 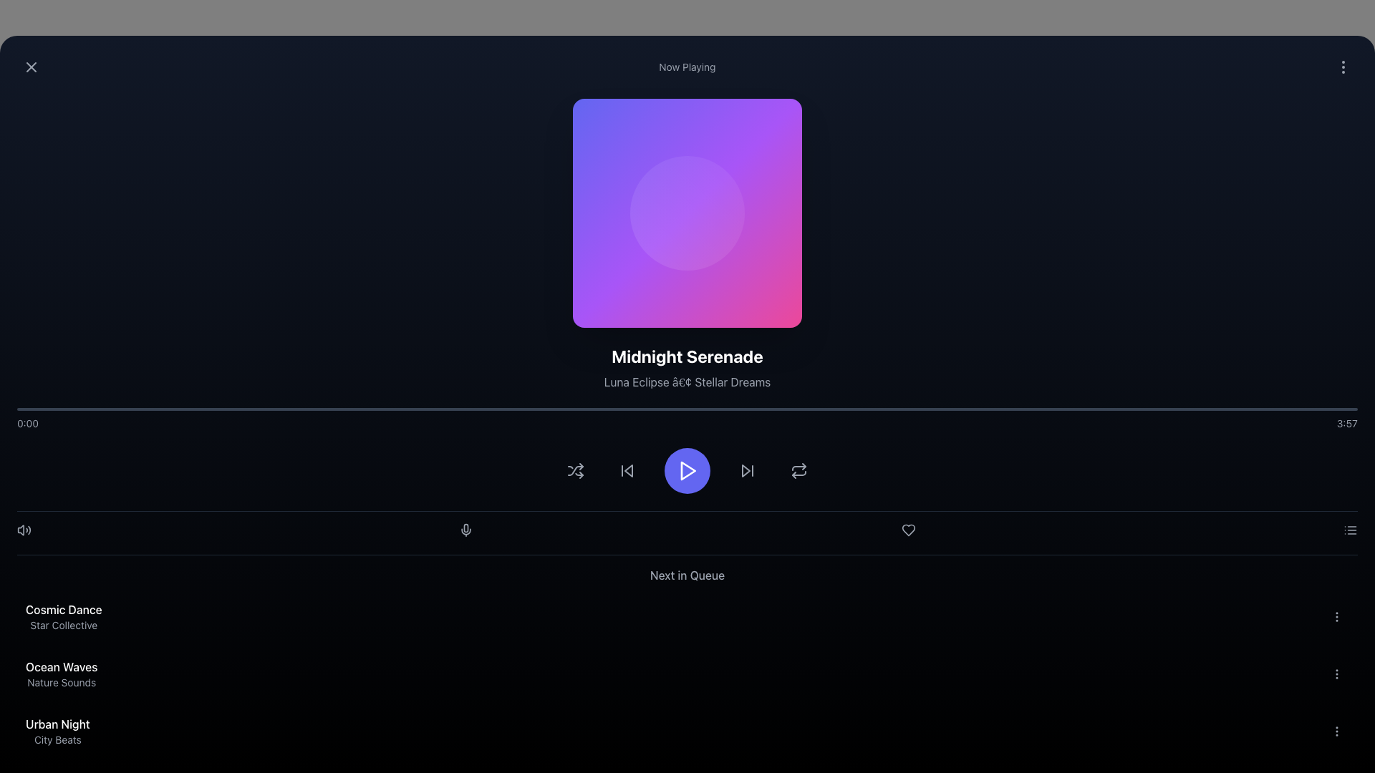 What do you see at coordinates (629, 471) in the screenshot?
I see `the decorative element of the skip-back button located to the left of the central play button in the control bar, which provides visual feedback` at bounding box center [629, 471].